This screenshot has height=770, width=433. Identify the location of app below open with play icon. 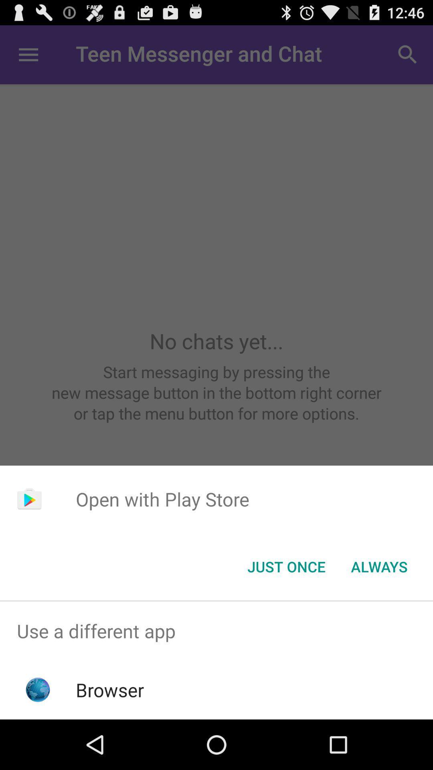
(379, 566).